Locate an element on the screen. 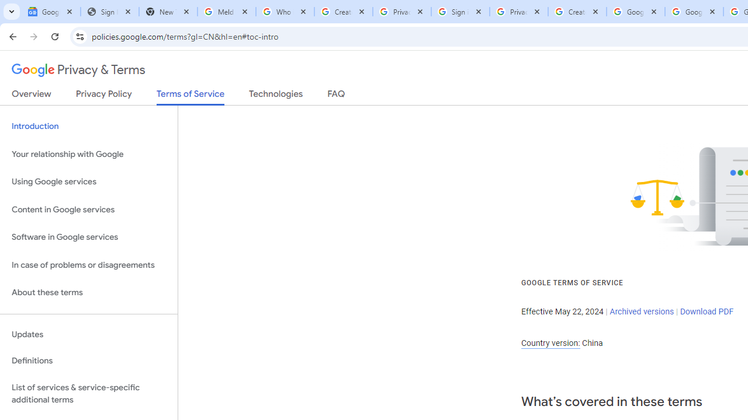  'Software in Google services' is located at coordinates (88, 237).